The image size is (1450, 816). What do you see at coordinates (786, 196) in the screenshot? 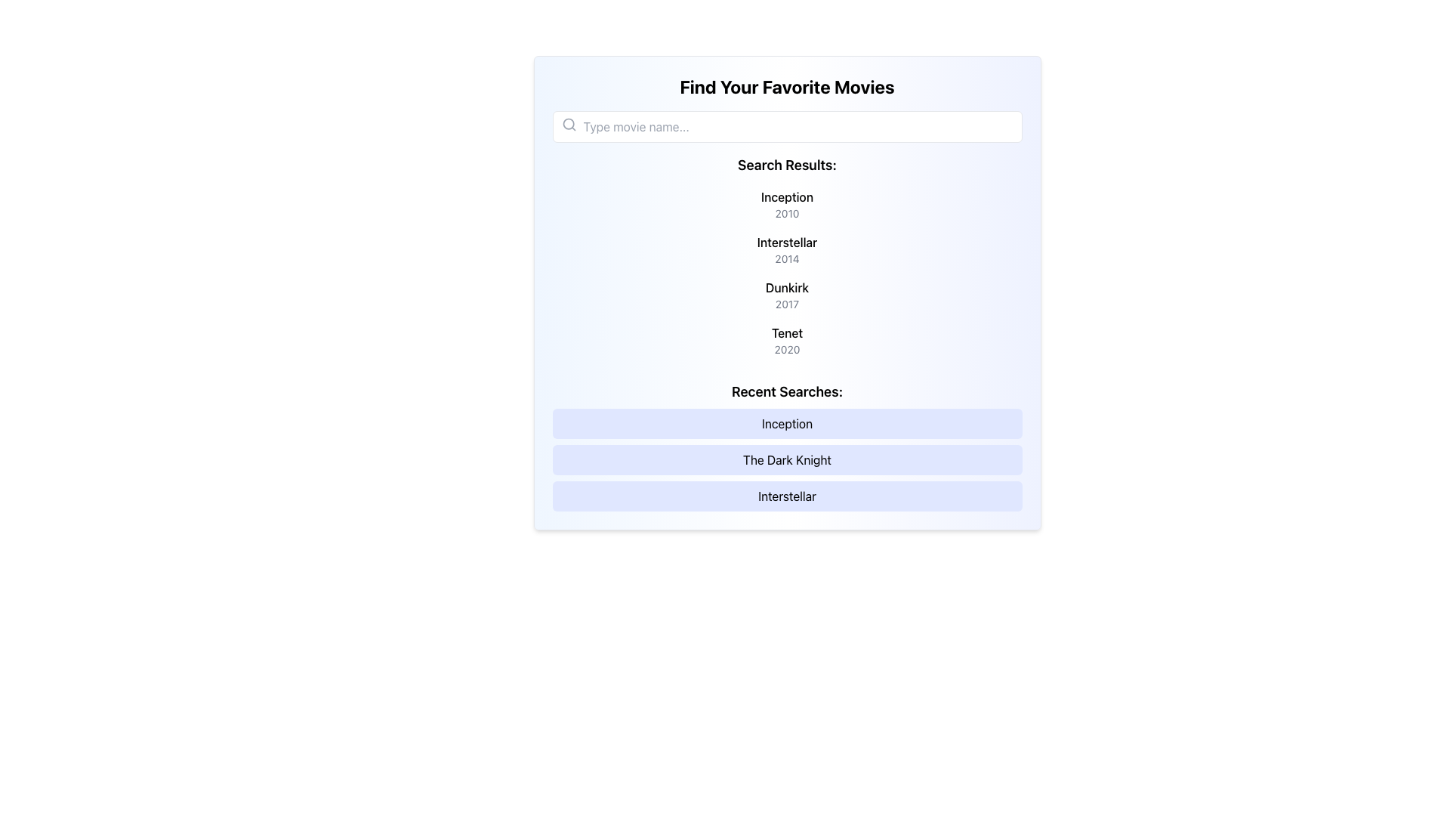
I see `the text label displaying 'Inception', which is styled in medium-weight black font and positioned above the text '2010' in the 'Search Results' section` at bounding box center [786, 196].